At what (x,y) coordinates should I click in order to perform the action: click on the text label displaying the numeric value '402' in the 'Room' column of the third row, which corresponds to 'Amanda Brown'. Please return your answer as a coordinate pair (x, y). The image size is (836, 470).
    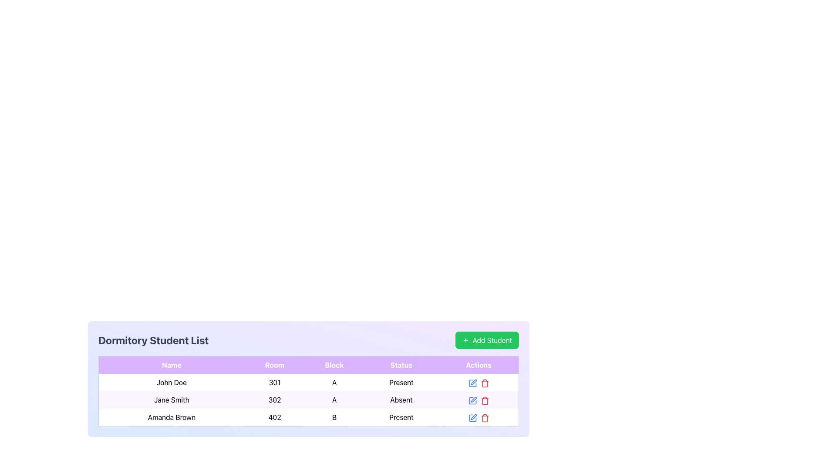
    Looking at the image, I should click on (274, 417).